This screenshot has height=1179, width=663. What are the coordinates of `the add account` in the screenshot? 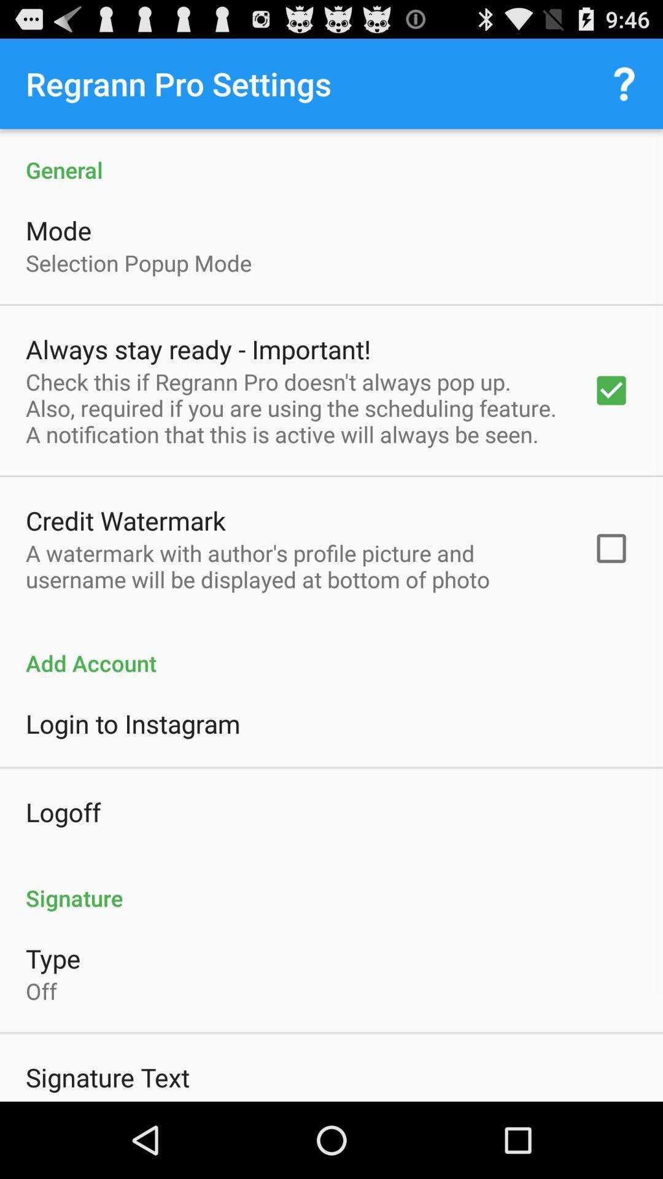 It's located at (331, 650).